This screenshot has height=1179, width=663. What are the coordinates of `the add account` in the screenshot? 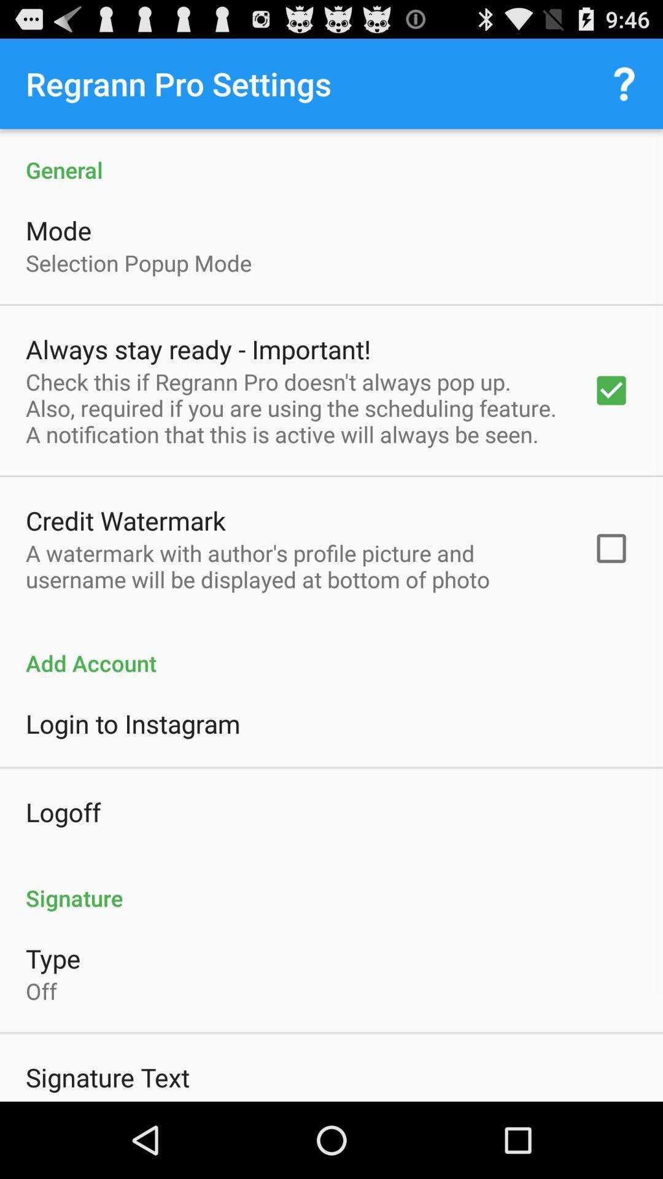 It's located at (331, 650).